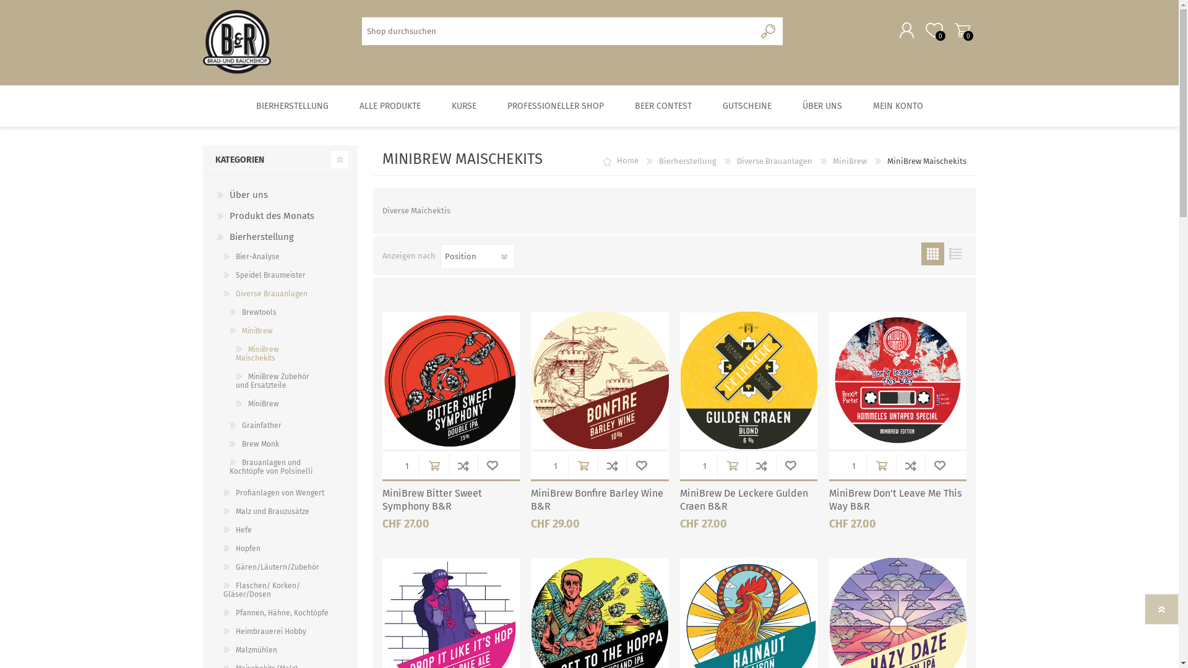 The image size is (1188, 668). What do you see at coordinates (462, 105) in the screenshot?
I see `'KURSE'` at bounding box center [462, 105].